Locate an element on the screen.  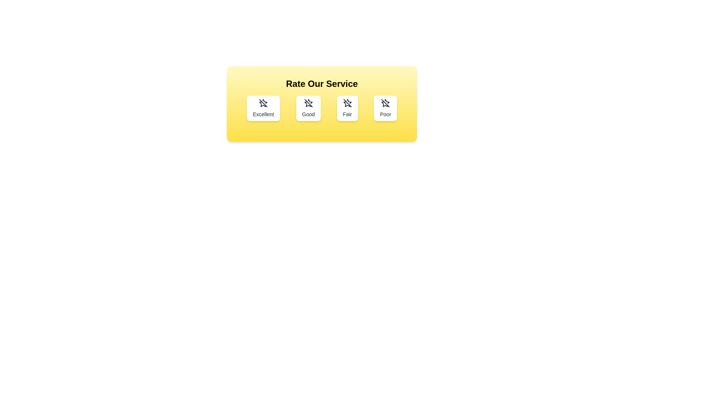
the button labeled Good to select the corresponding rating is located at coordinates (308, 108).